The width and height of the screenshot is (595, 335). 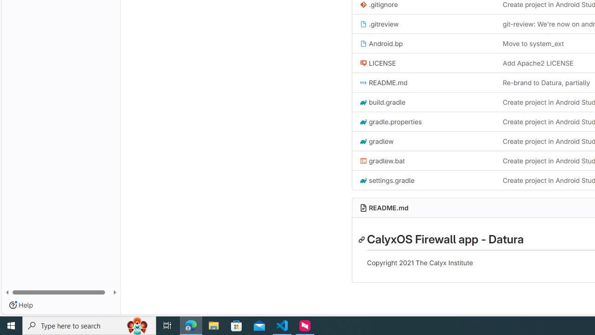 What do you see at coordinates (379, 23) in the screenshot?
I see `'.gitreview'` at bounding box center [379, 23].